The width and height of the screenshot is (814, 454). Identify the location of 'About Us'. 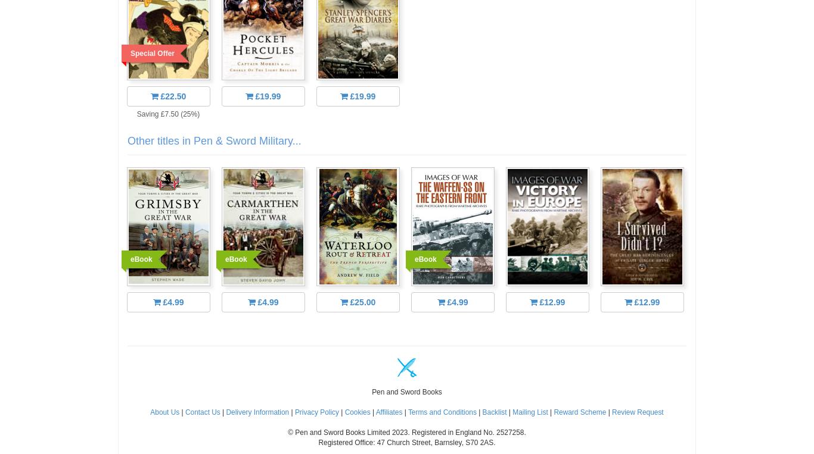
(164, 412).